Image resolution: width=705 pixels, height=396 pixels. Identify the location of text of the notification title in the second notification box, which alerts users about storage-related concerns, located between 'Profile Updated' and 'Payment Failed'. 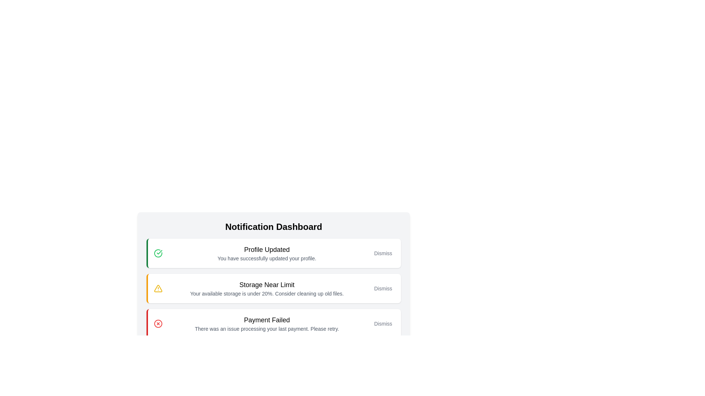
(266, 284).